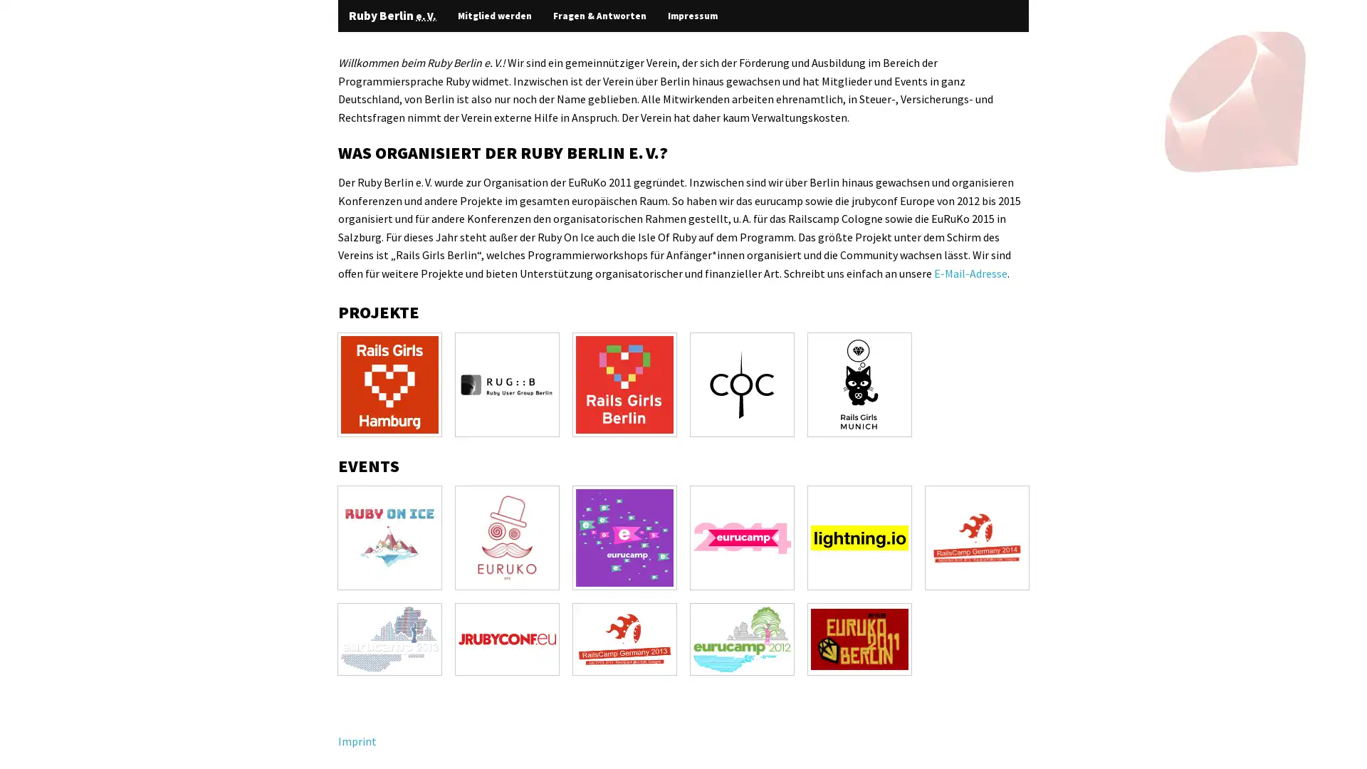 The image size is (1367, 769). Describe the element at coordinates (507, 638) in the screenshot. I see `Jrubyconf` at that location.